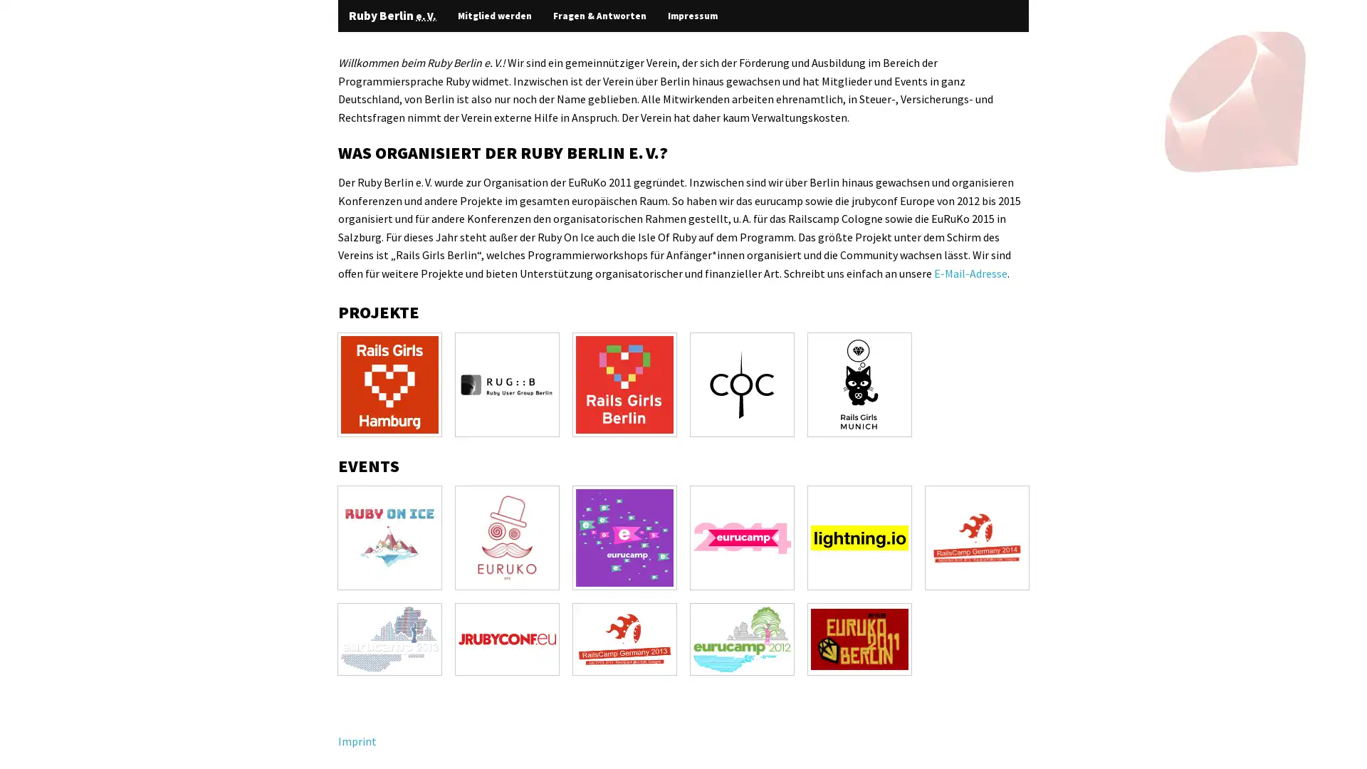 The image size is (1367, 769). Describe the element at coordinates (507, 638) in the screenshot. I see `Jrubyconf` at that location.